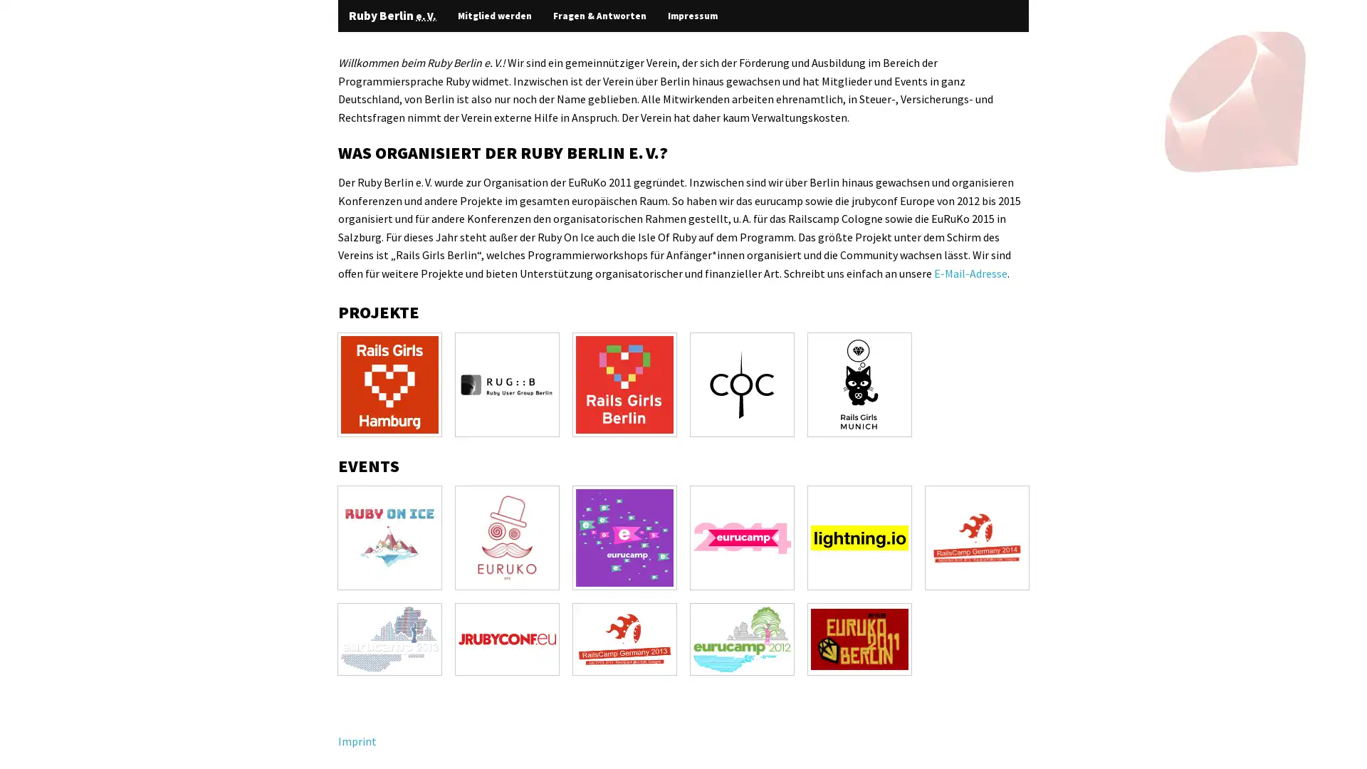 The image size is (1367, 769). Describe the element at coordinates (507, 638) in the screenshot. I see `Jrubyconf` at that location.